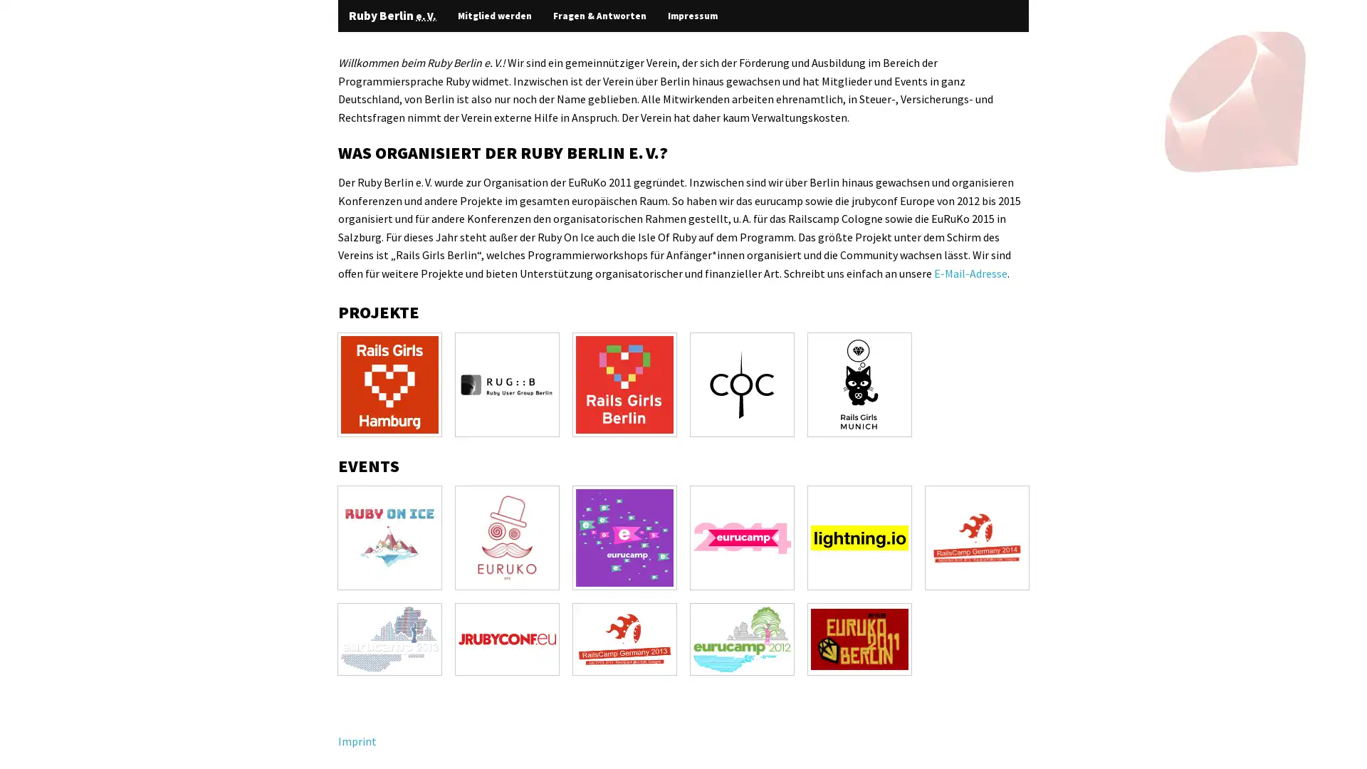 The image size is (1367, 769). Describe the element at coordinates (507, 638) in the screenshot. I see `Jrubyconf` at that location.